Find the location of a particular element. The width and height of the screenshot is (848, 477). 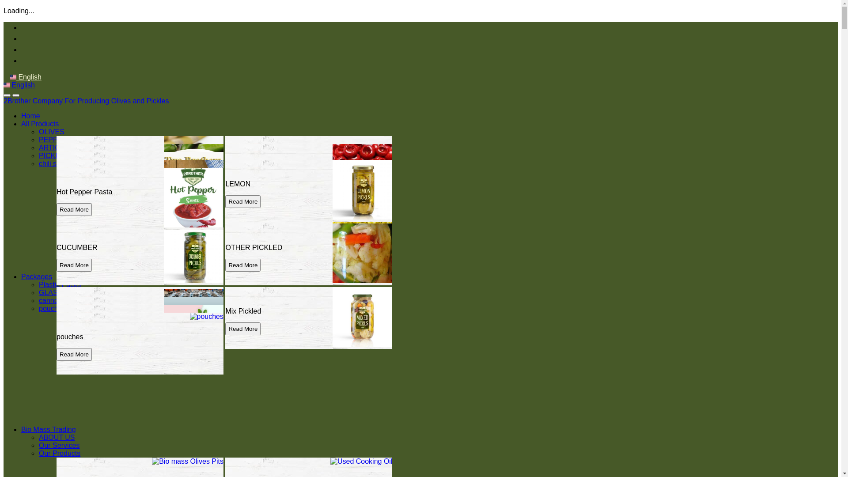

'Read More' is located at coordinates (243, 329).